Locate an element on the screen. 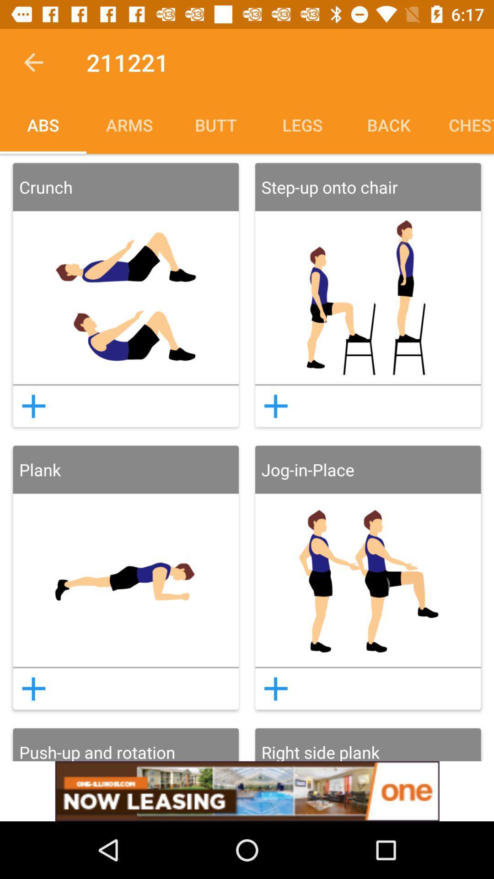  rutine is located at coordinates (275, 689).